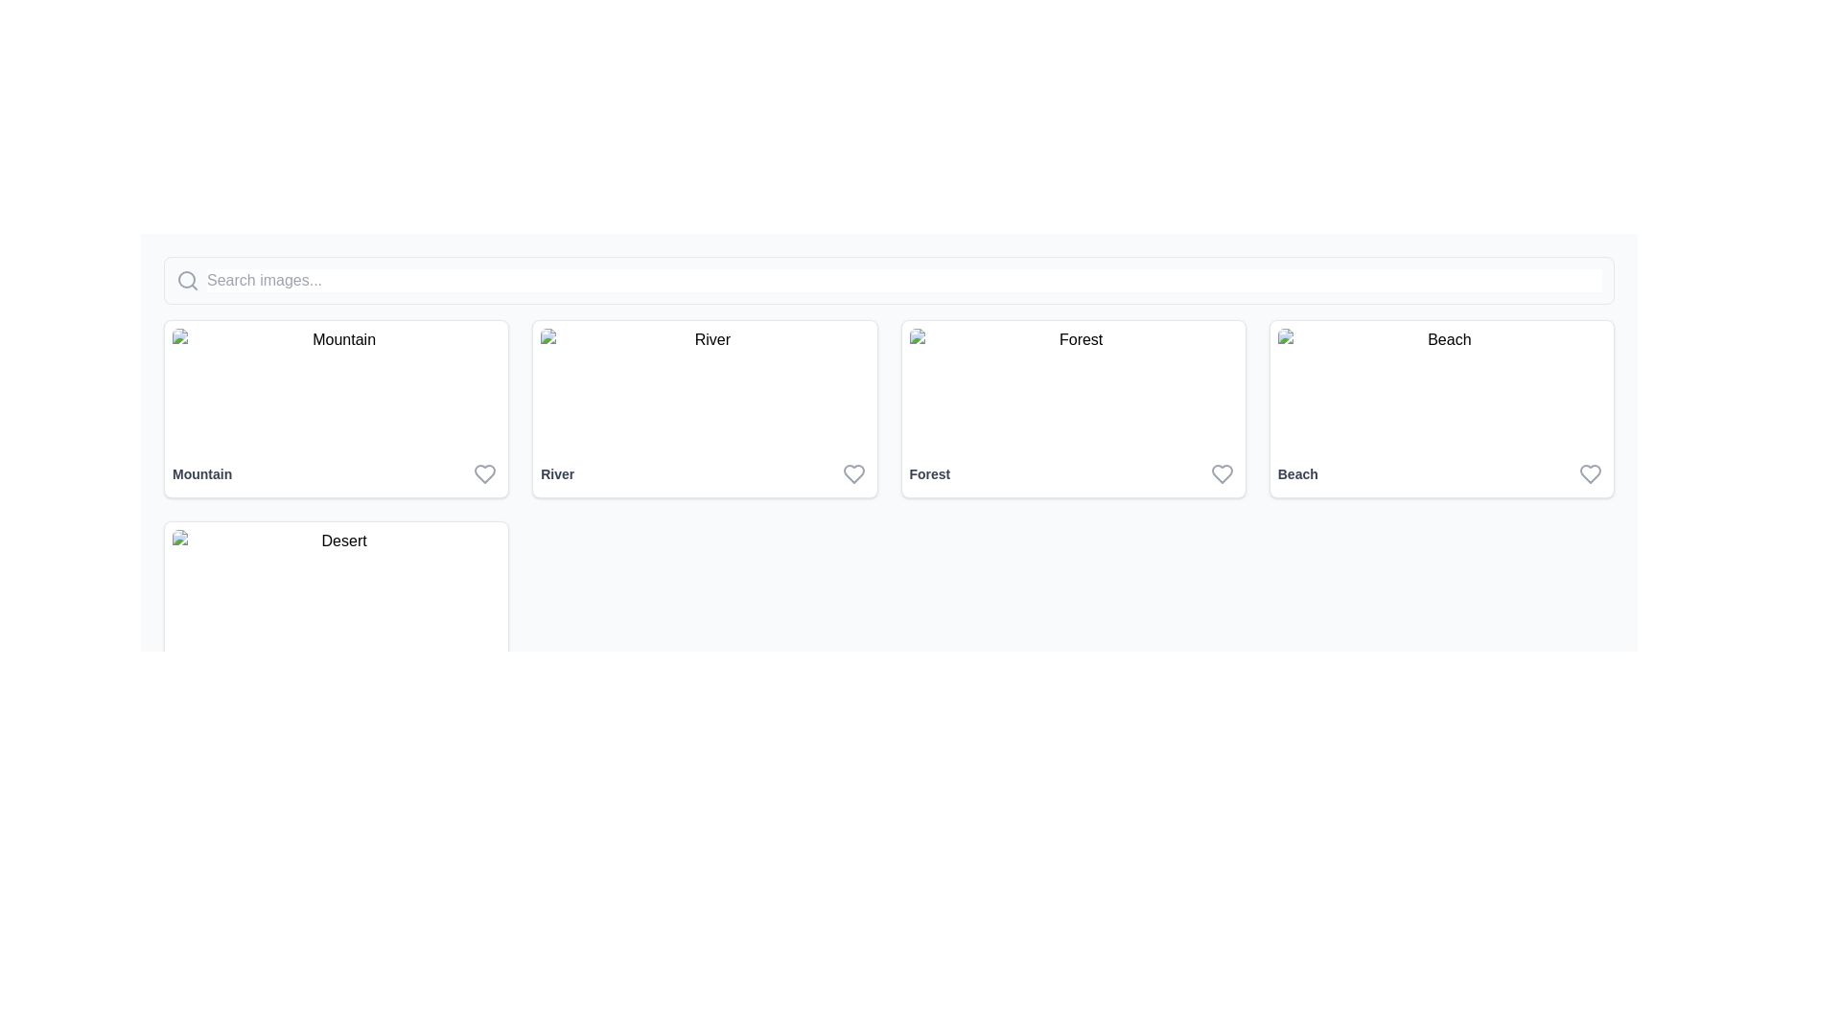 This screenshot has height=1035, width=1841. What do you see at coordinates (852, 473) in the screenshot?
I see `the heart-shaped icon button located at the bottom-right corner of the 'River' card` at bounding box center [852, 473].